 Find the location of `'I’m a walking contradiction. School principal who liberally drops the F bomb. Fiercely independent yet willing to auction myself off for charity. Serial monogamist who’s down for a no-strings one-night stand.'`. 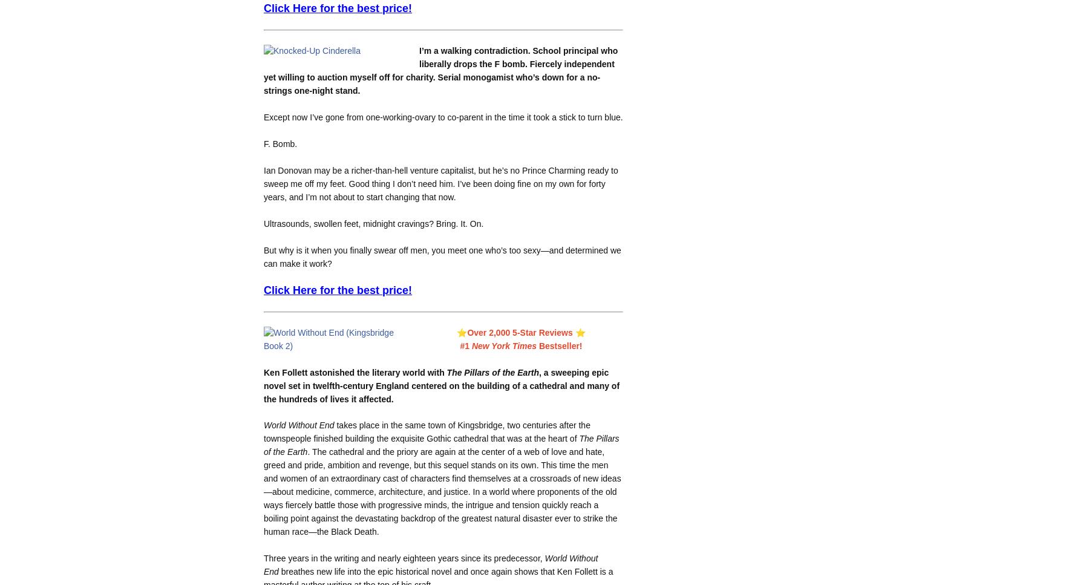

'I’m a walking contradiction. School principal who liberally drops the F bomb. Fiercely independent yet willing to auction myself off for charity. Serial monogamist who’s down for a no-strings one-night stand.' is located at coordinates (440, 70).